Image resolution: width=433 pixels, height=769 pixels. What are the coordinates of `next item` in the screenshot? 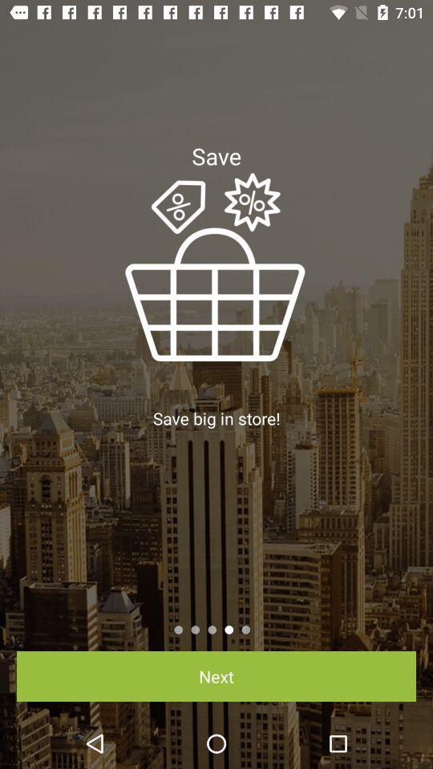 It's located at (216, 675).